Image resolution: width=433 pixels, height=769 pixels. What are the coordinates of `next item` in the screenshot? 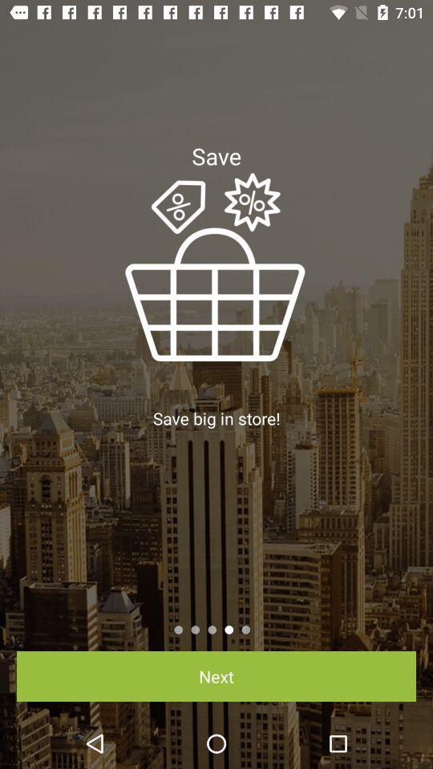 It's located at (216, 675).